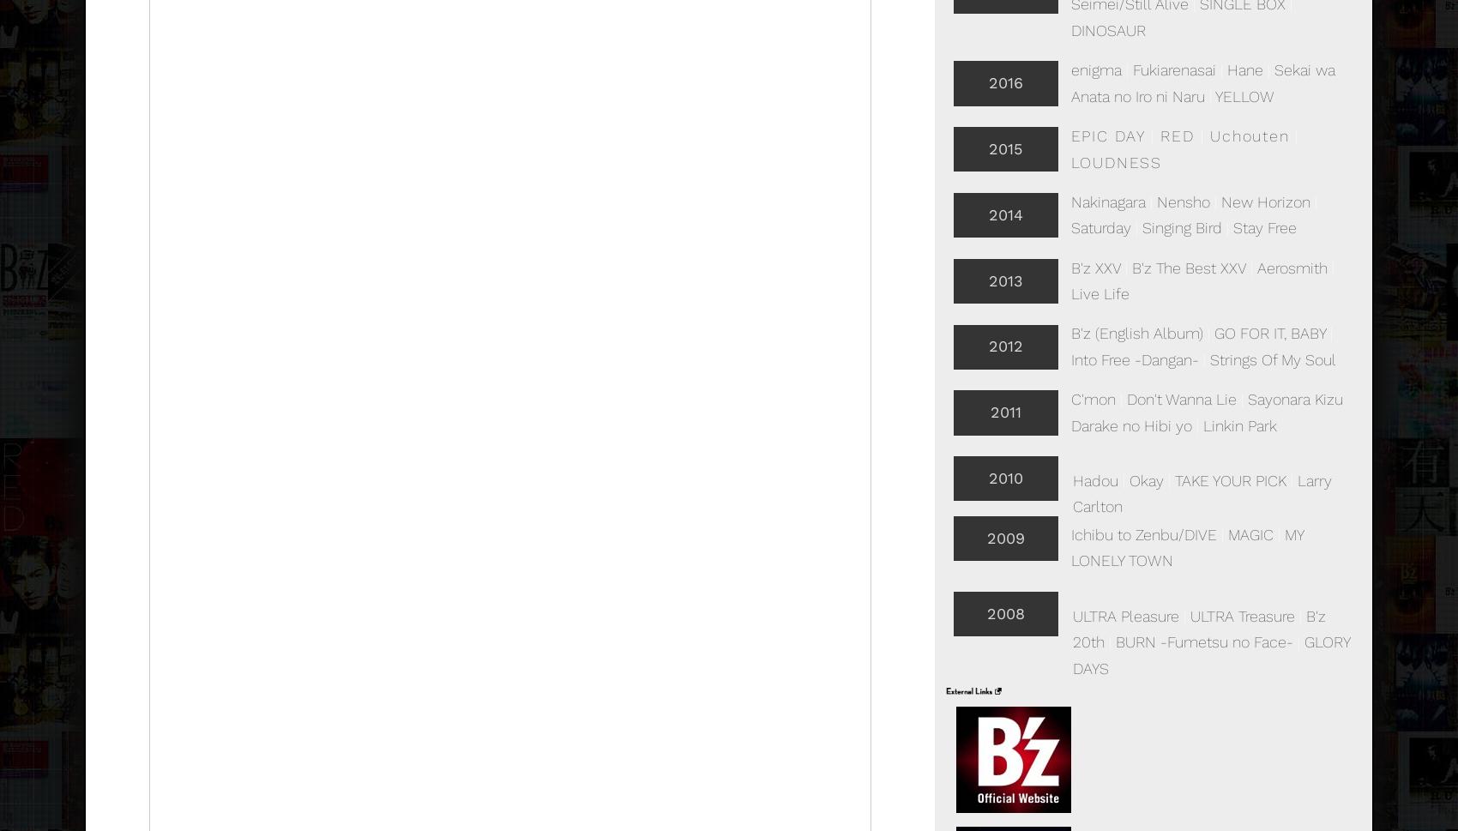 The height and width of the screenshot is (831, 1458). Describe the element at coordinates (1181, 227) in the screenshot. I see `'Singing Bird'` at that location.